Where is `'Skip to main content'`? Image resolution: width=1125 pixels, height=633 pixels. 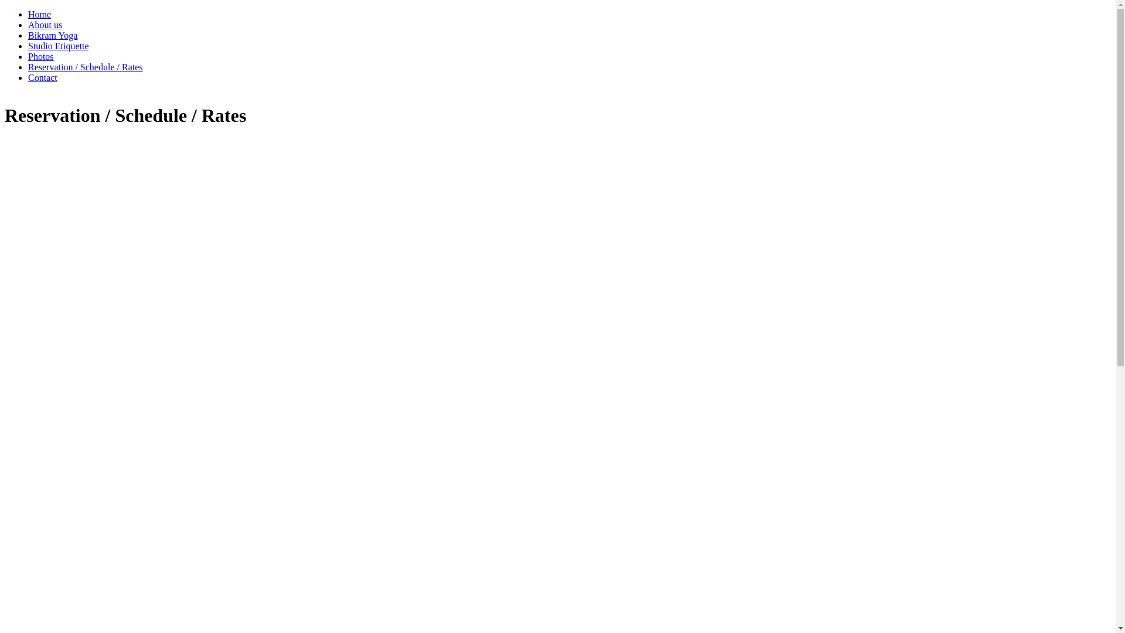 'Skip to main content' is located at coordinates (43, 9).